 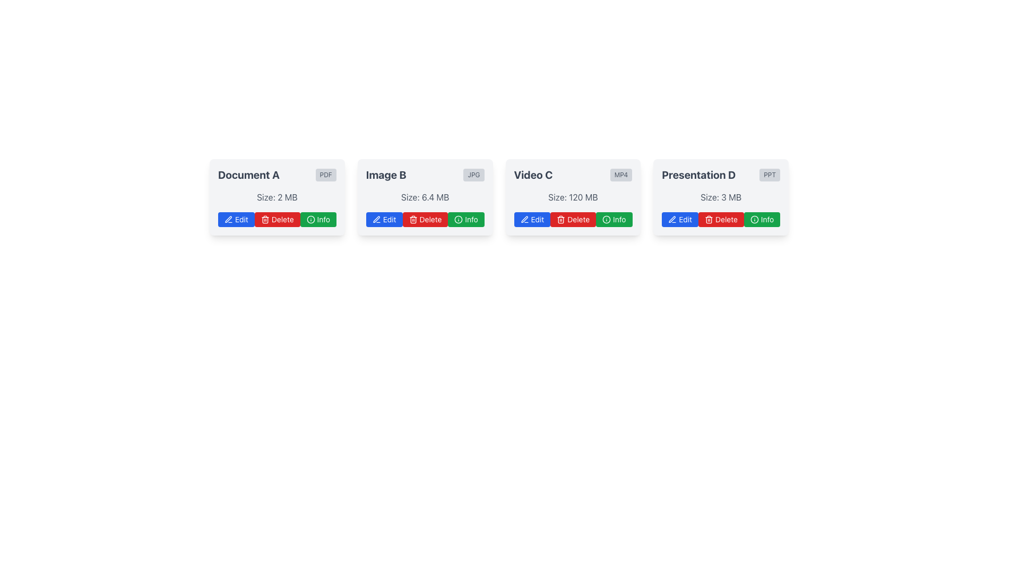 What do you see at coordinates (228, 219) in the screenshot?
I see `the pen icon representing the 'edit' functionality, located beneath the 'Document A' title` at bounding box center [228, 219].